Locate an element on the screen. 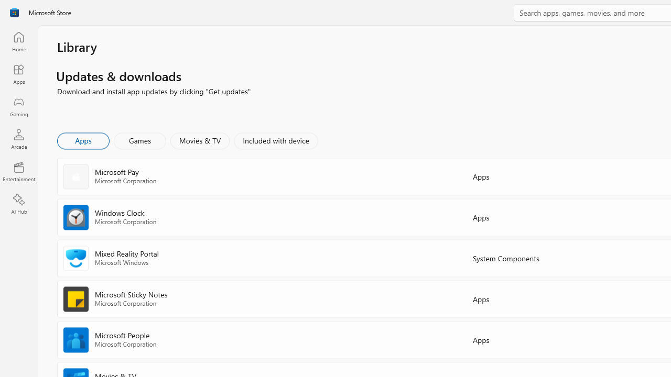 This screenshot has width=671, height=377. 'Arcade' is located at coordinates (18, 138).